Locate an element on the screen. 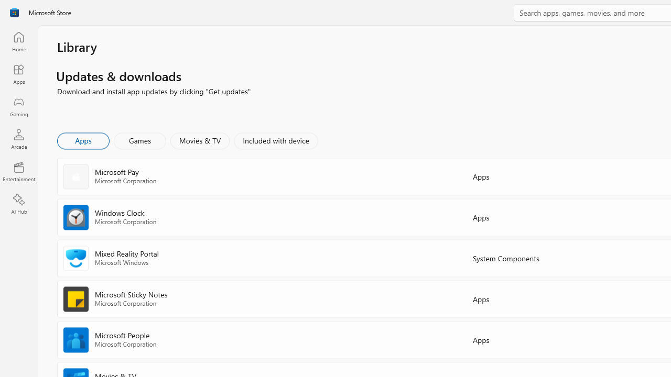 This screenshot has width=671, height=377. 'Arcade' is located at coordinates (18, 138).